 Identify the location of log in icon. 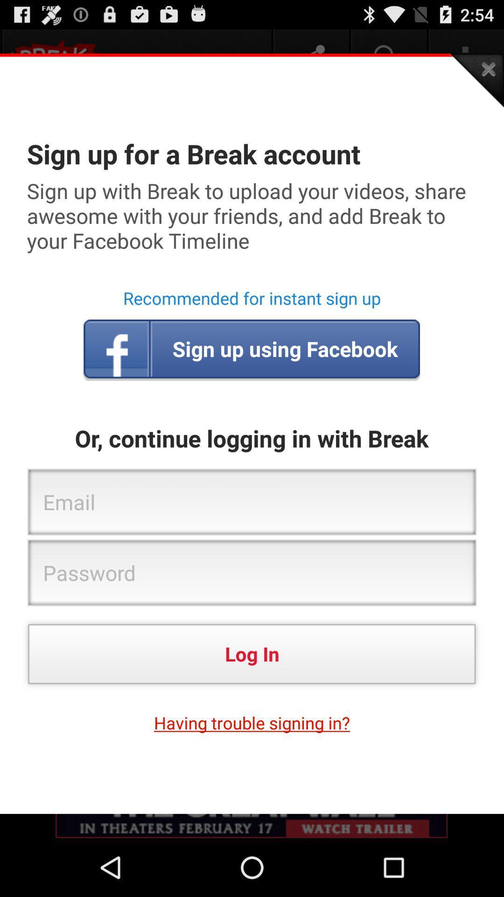
(252, 653).